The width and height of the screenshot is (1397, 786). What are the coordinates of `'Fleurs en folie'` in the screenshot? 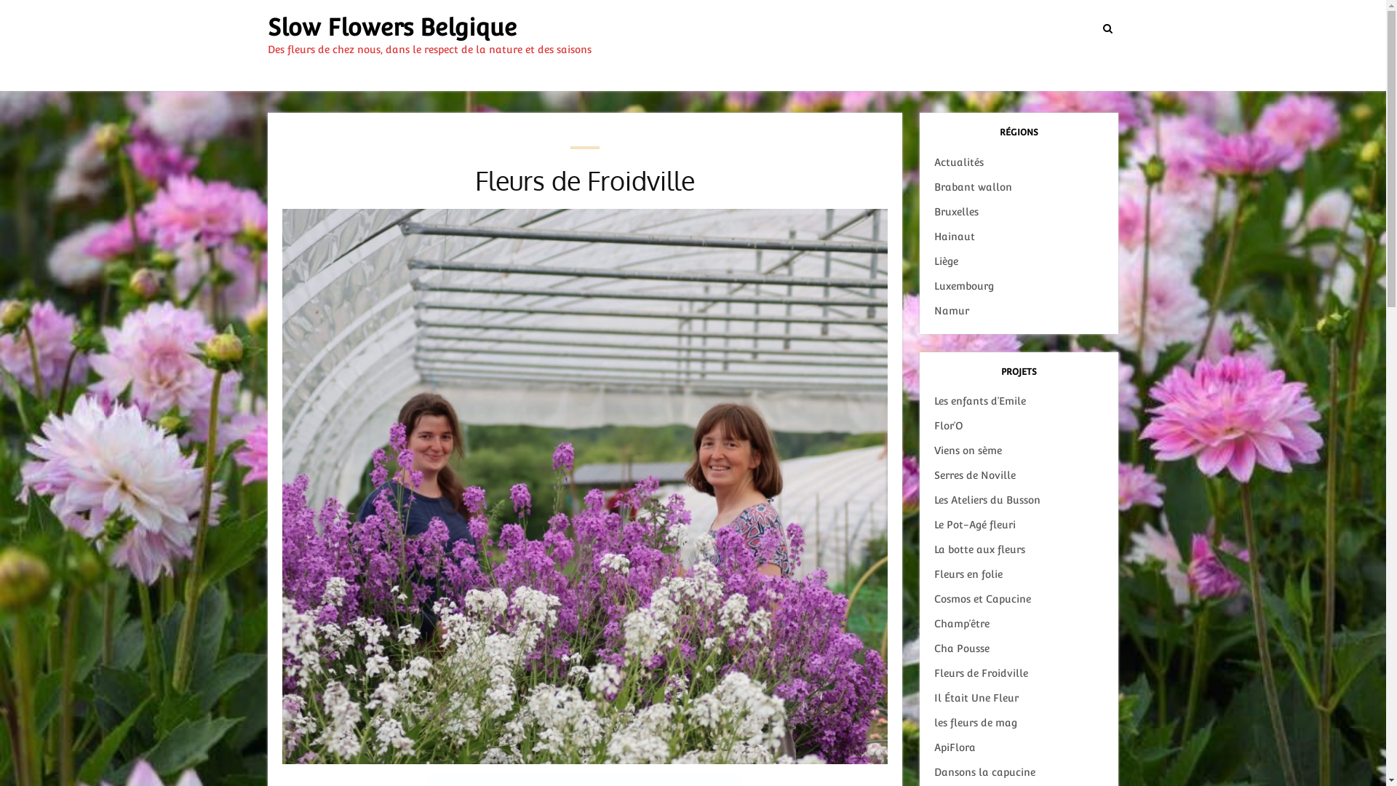 It's located at (968, 573).